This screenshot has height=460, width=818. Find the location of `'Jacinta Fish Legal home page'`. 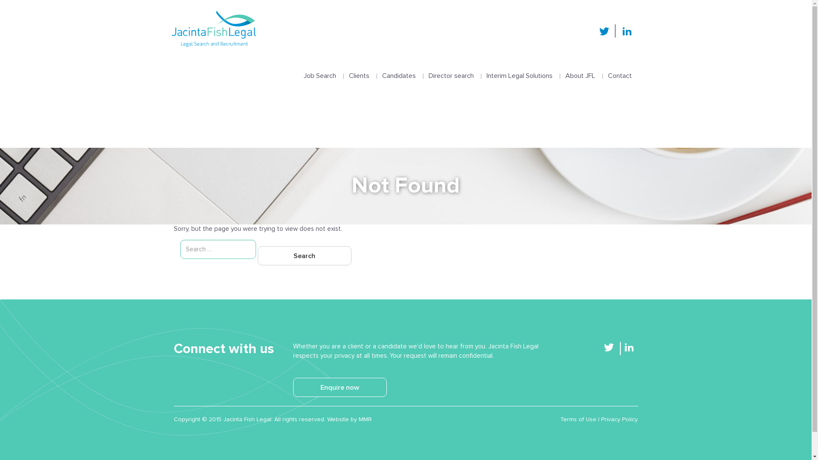

'Jacinta Fish Legal home page' is located at coordinates (213, 28).